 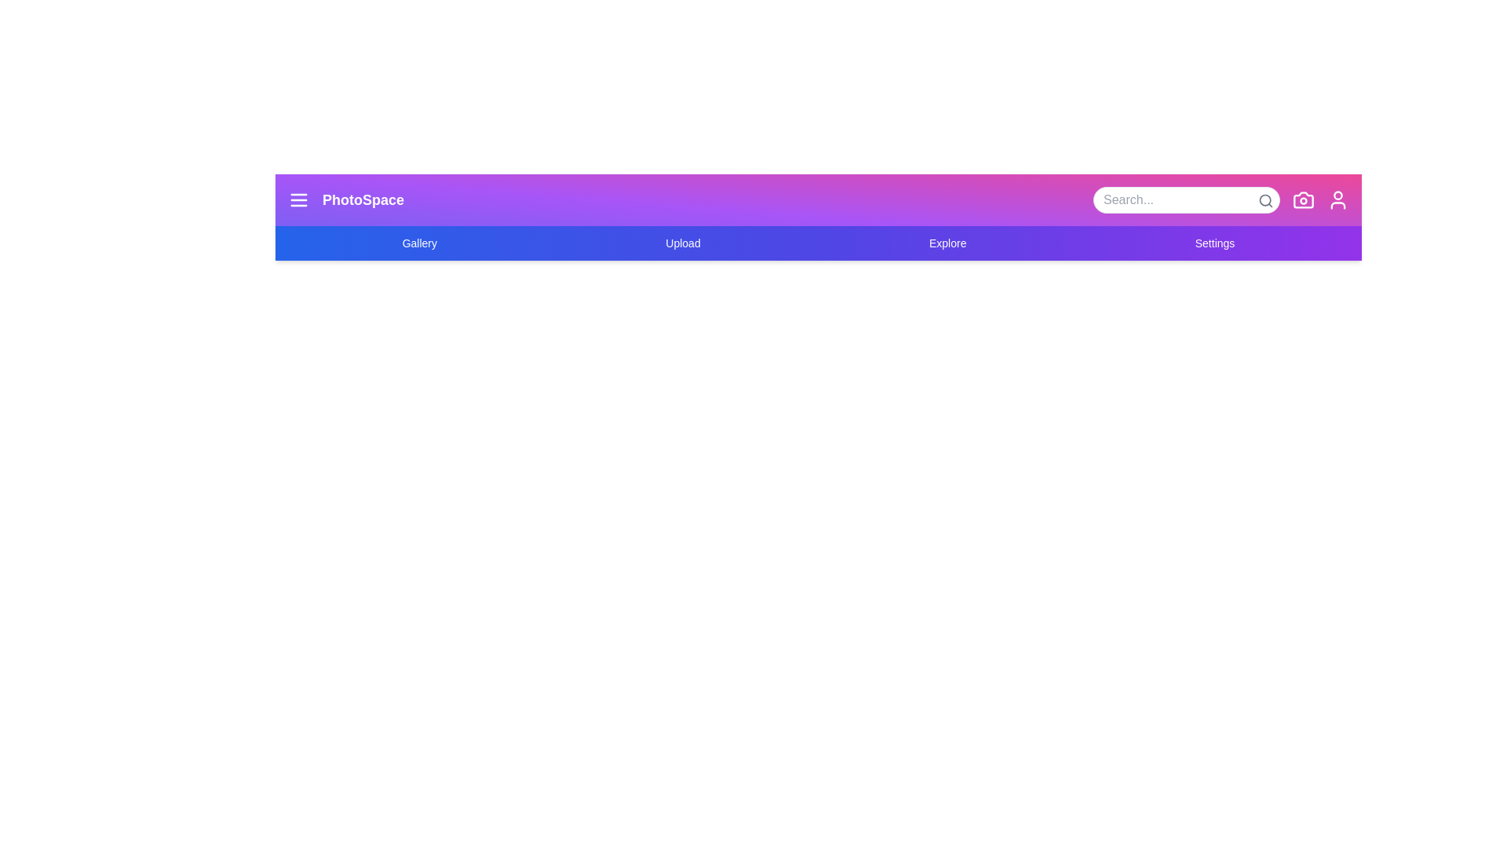 I want to click on the navigation link Gallery, so click(x=418, y=243).